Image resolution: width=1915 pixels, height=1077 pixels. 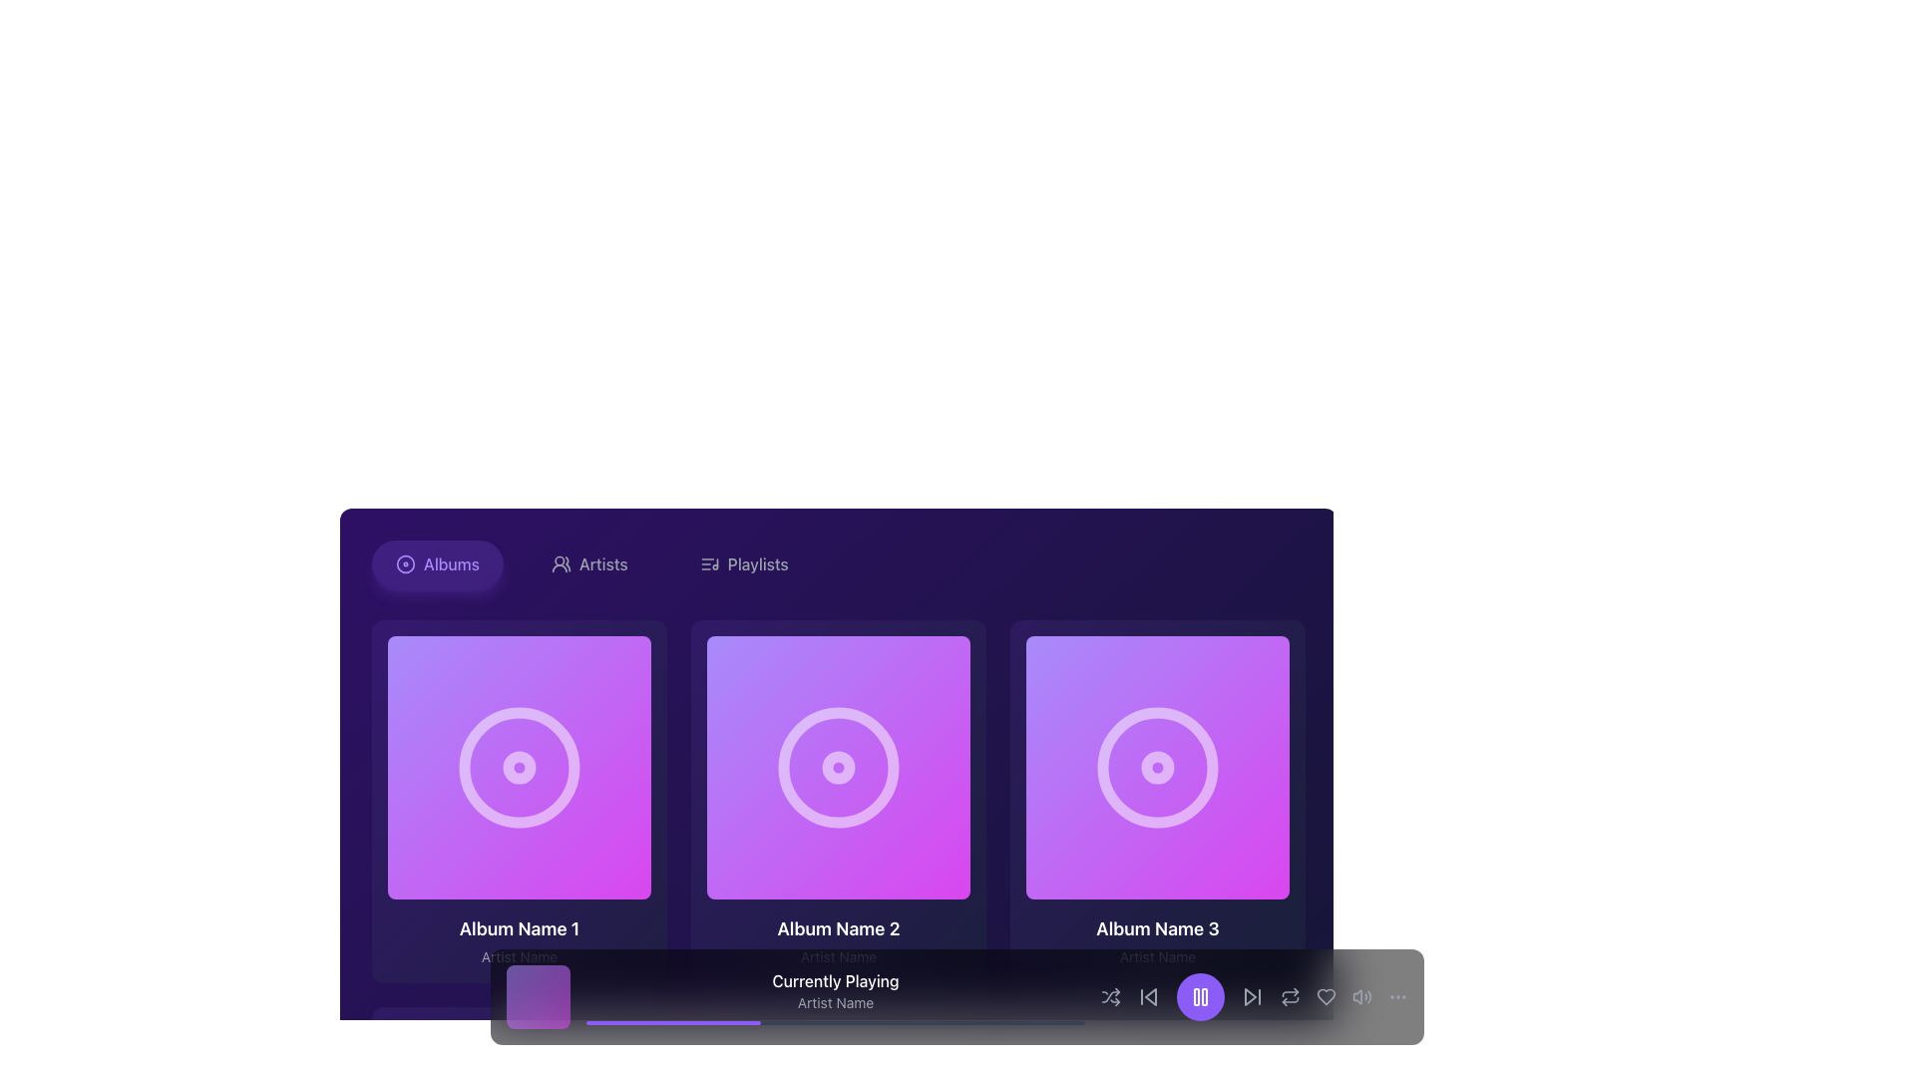 I want to click on the triangular play icon, which is white and located within the circular purple album artwork on the second album card labeled 'Album Name 2', so click(x=841, y=767).